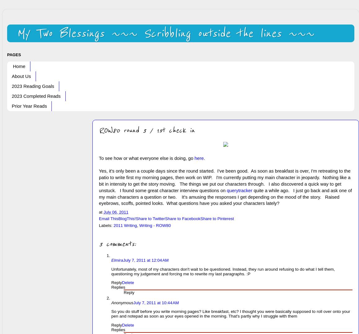  Describe the element at coordinates (156, 302) in the screenshot. I see `'July 7, 2011 at 10:44 AM'` at that location.